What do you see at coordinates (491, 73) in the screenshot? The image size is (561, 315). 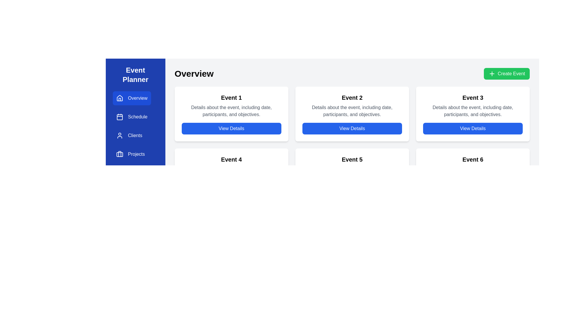 I see `the small plus icon within the green 'Create Event' button located at the top-right of the main content area to create a new event` at bounding box center [491, 73].